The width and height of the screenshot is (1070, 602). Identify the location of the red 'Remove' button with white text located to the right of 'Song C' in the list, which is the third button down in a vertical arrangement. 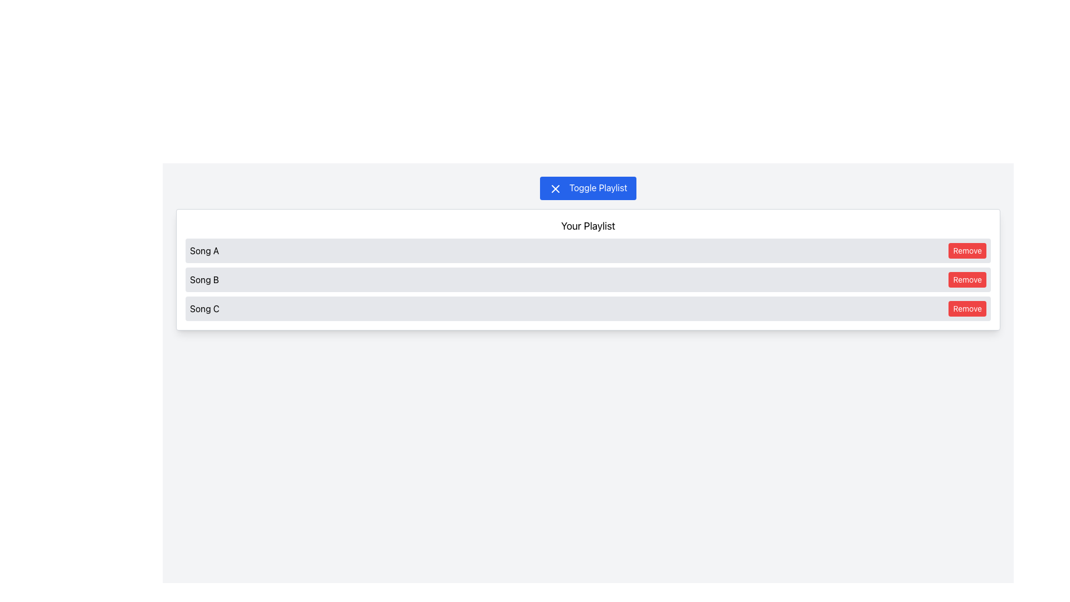
(967, 308).